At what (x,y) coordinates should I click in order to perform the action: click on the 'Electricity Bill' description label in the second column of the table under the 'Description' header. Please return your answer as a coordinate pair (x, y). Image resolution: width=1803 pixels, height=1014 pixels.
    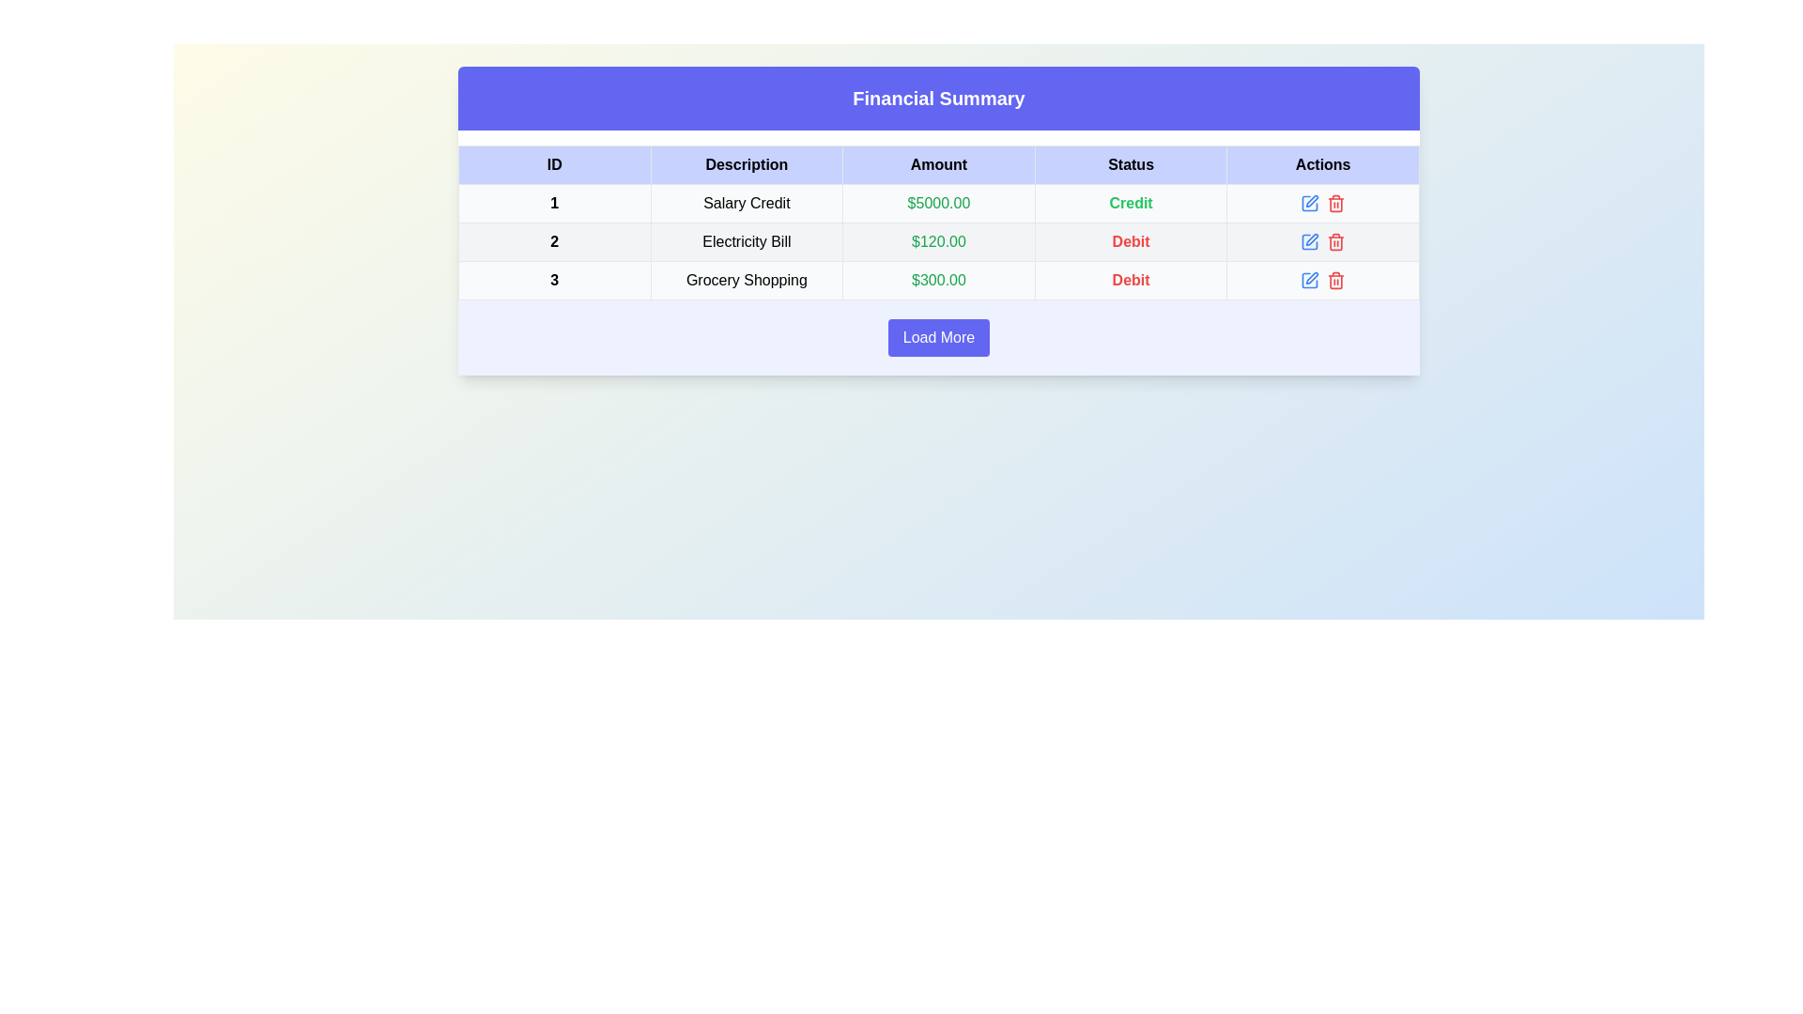
    Looking at the image, I should click on (746, 241).